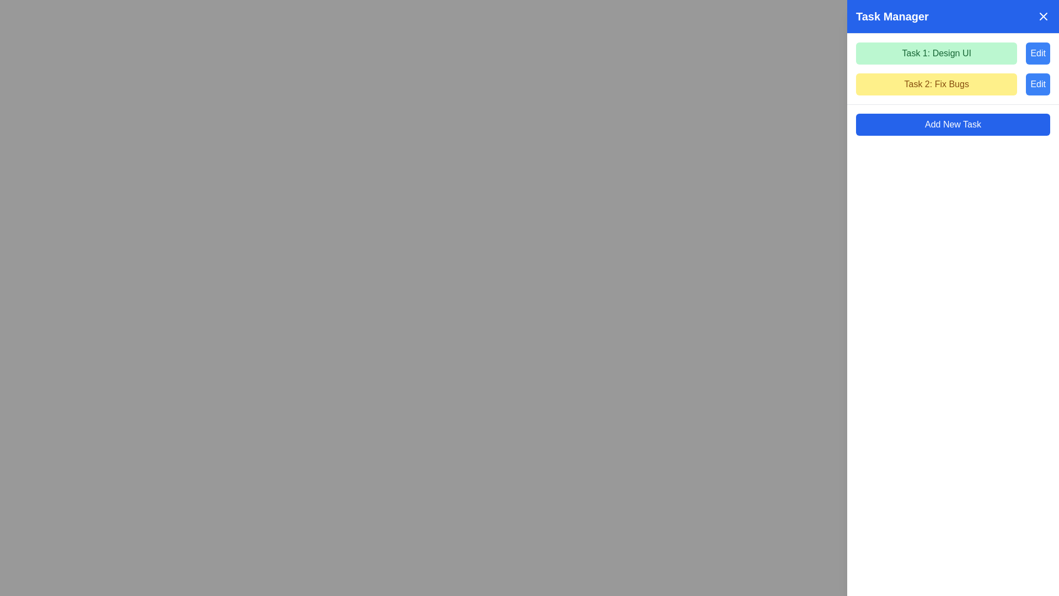 The height and width of the screenshot is (596, 1059). Describe the element at coordinates (953, 53) in the screenshot. I see `the Task item labeled 'Task 1: Design UI' which features a left-aligned text on a light green background and a right-aligned 'Edit' button on a blue background` at that location.